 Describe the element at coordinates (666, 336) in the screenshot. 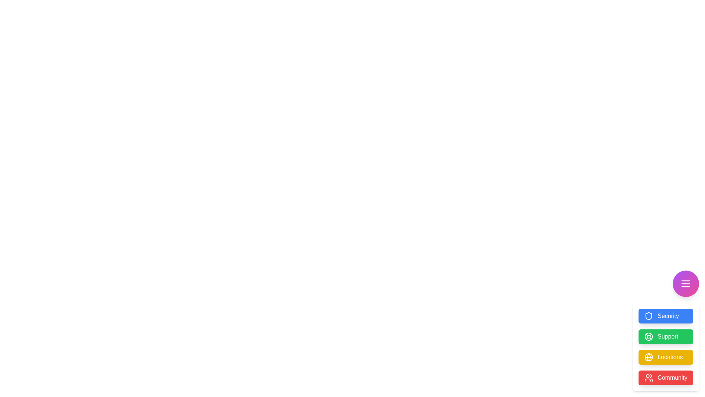

I see `the bright green 'Support' button with a life-buoy icon` at that location.